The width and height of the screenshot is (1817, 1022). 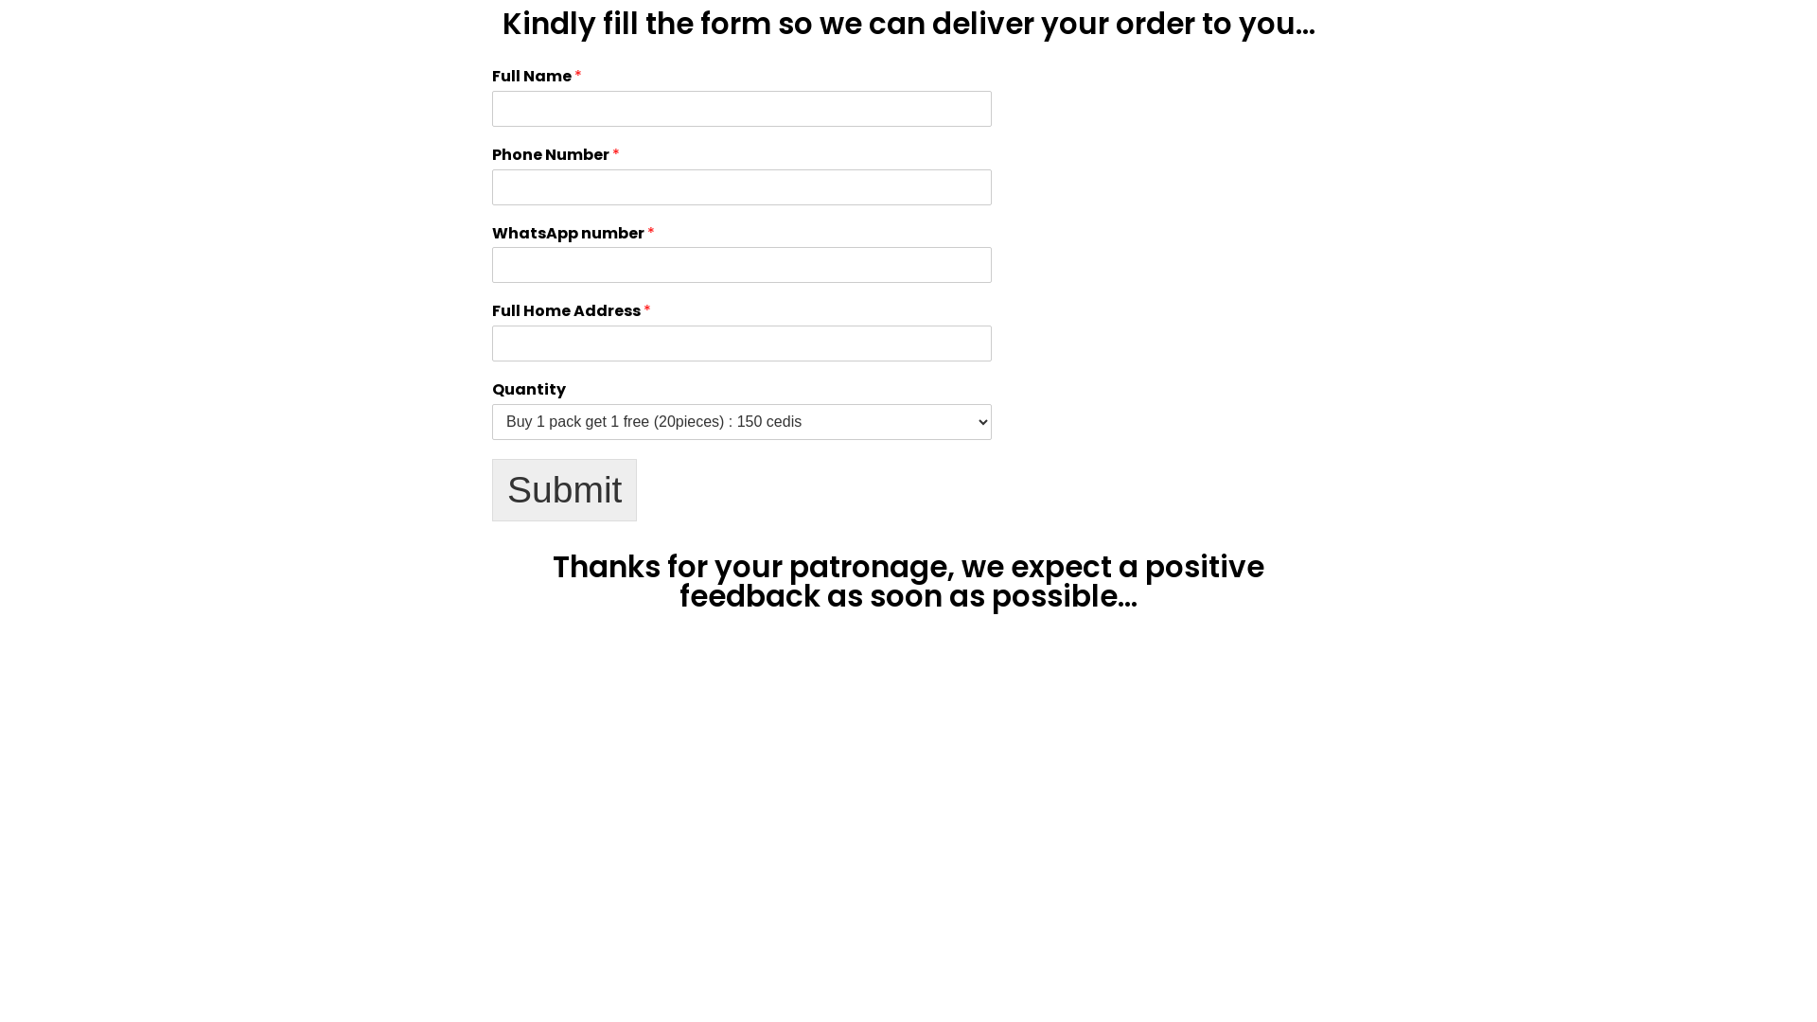 What do you see at coordinates (491, 488) in the screenshot?
I see `'Submit'` at bounding box center [491, 488].